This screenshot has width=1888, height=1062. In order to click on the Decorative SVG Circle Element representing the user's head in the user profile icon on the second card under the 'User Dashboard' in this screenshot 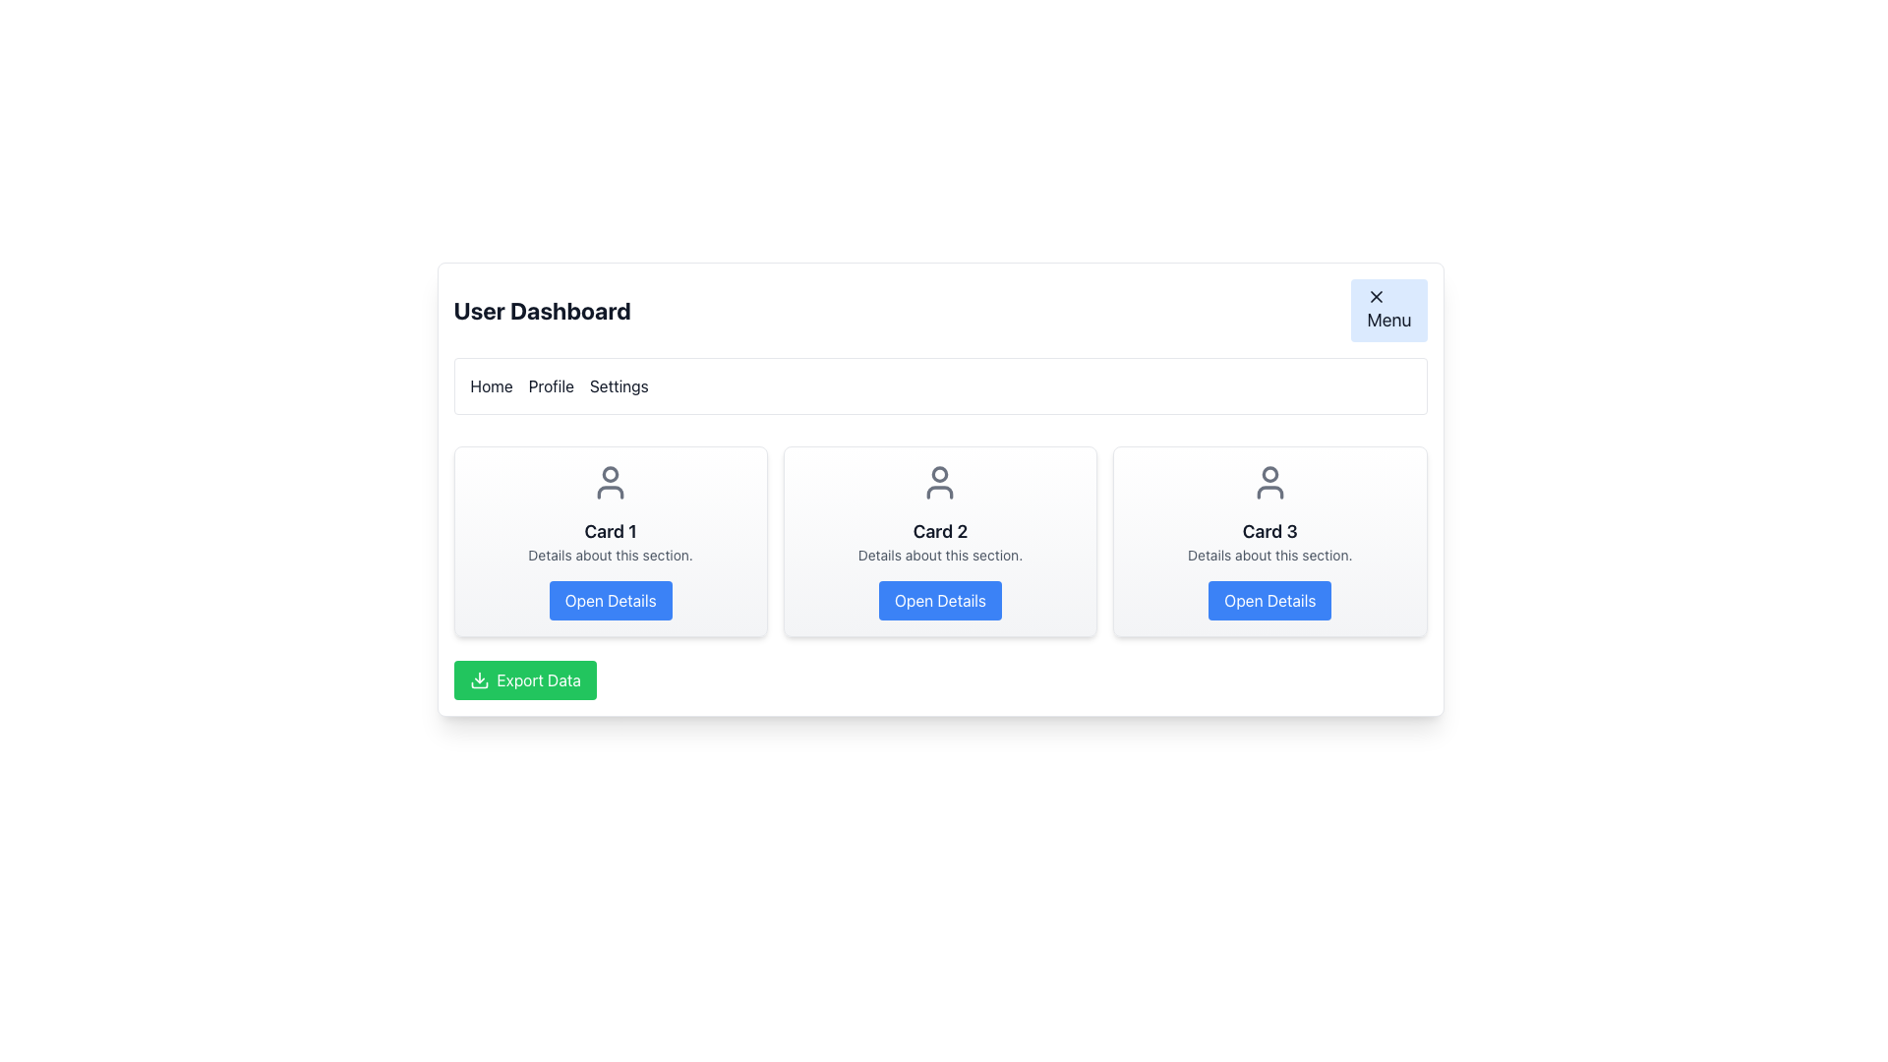, I will do `click(939, 474)`.